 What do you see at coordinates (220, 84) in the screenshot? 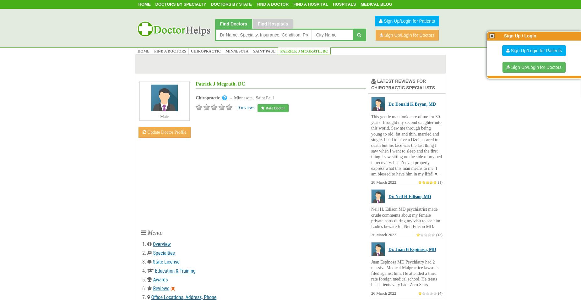
I see `'Patrick J Mcgrath, DC'` at bounding box center [220, 84].